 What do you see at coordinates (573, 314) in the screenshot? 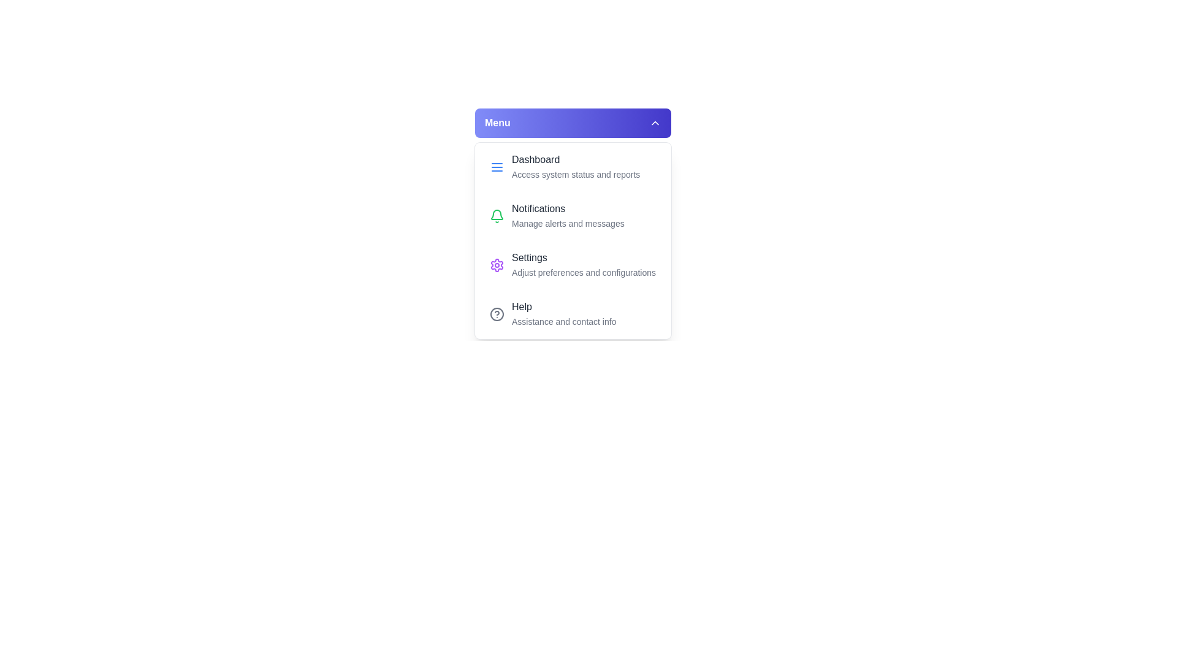
I see `the 'Help' navigation item with icon and text` at bounding box center [573, 314].